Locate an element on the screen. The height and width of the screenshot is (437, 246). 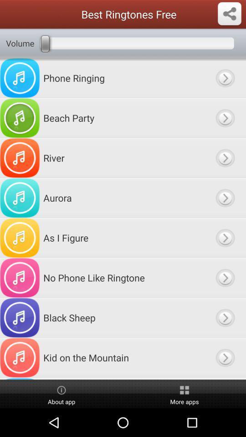
option is located at coordinates (225, 158).